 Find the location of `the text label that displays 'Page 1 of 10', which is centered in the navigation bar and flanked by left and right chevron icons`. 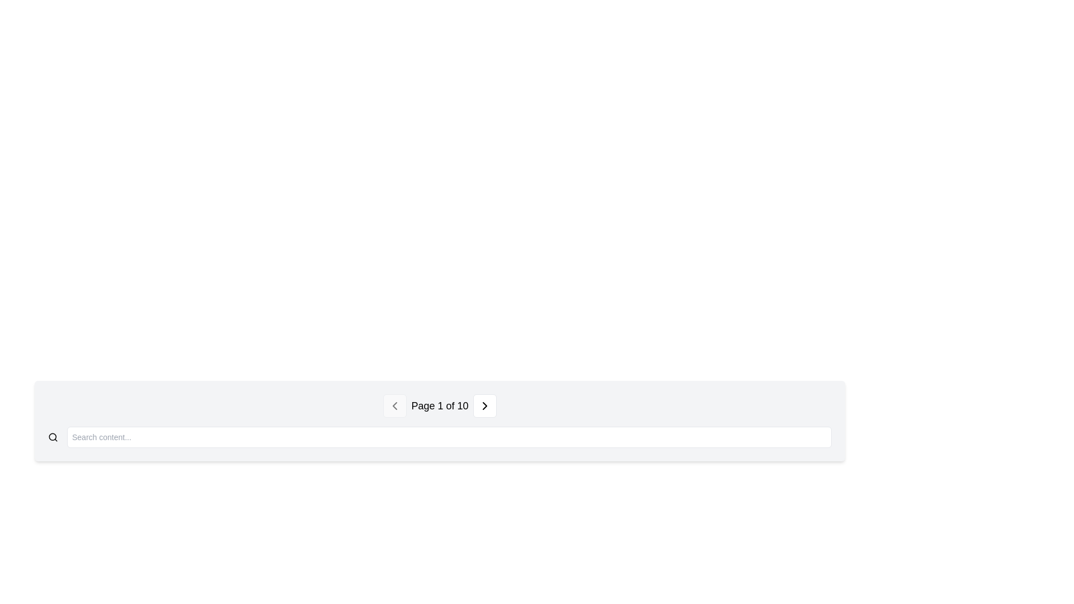

the text label that displays 'Page 1 of 10', which is centered in the navigation bar and flanked by left and right chevron icons is located at coordinates (439, 405).